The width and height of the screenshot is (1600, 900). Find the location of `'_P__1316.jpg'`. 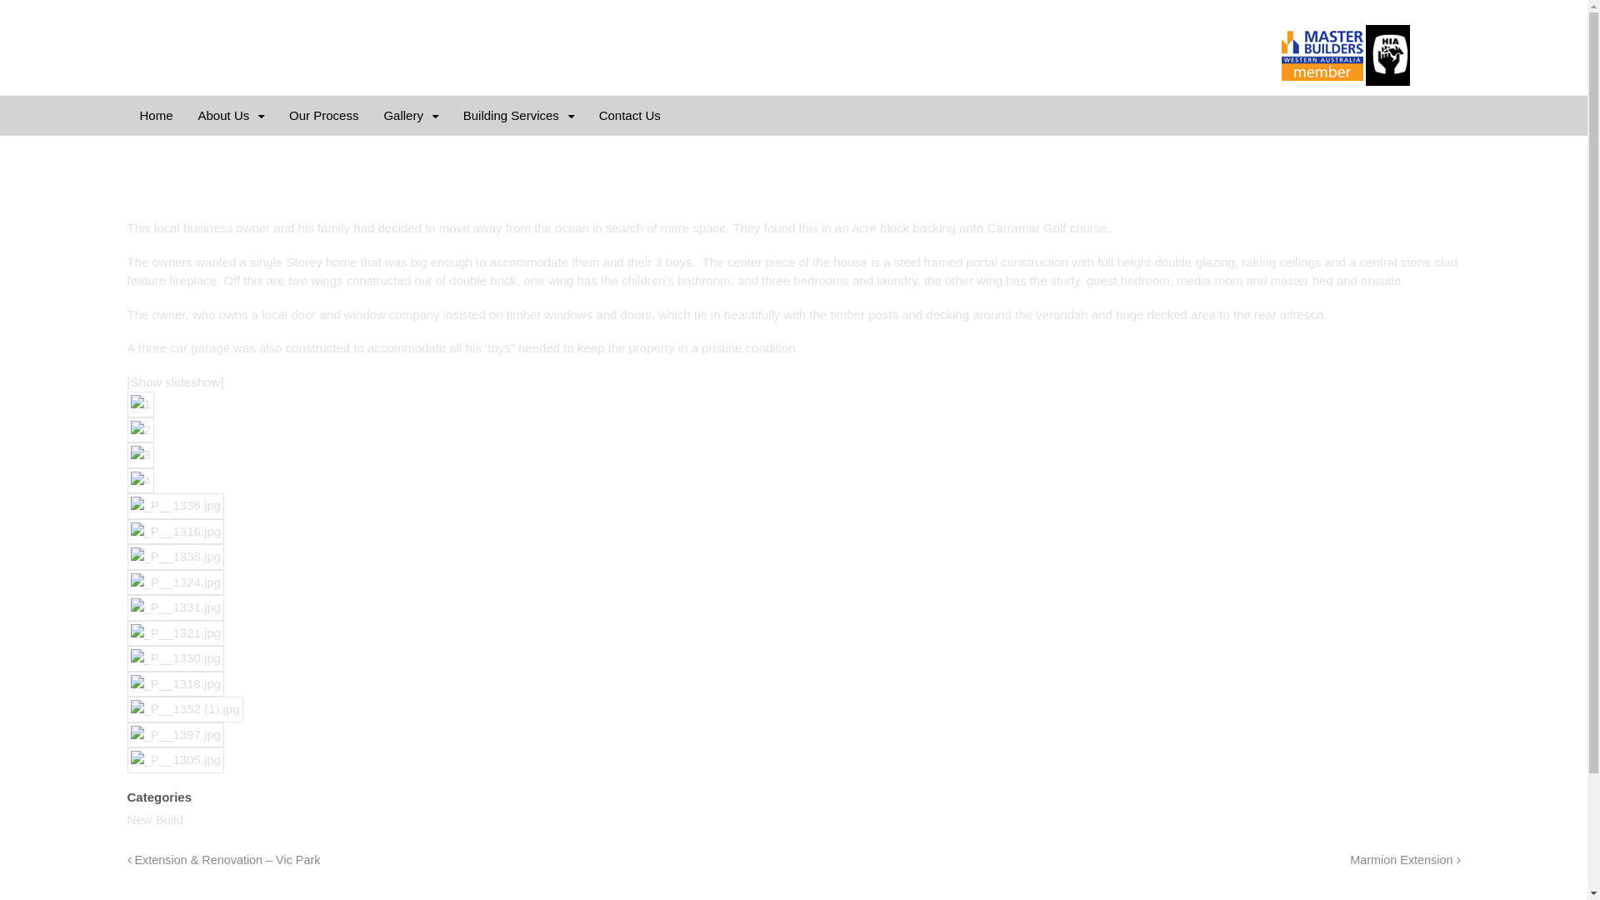

'_P__1316.jpg' is located at coordinates (175, 531).